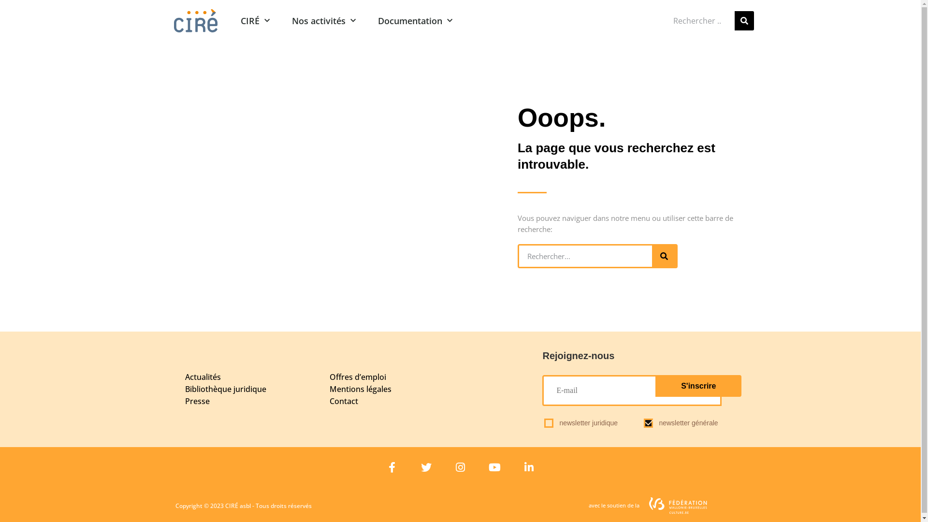  What do you see at coordinates (415, 20) in the screenshot?
I see `'Documentation'` at bounding box center [415, 20].